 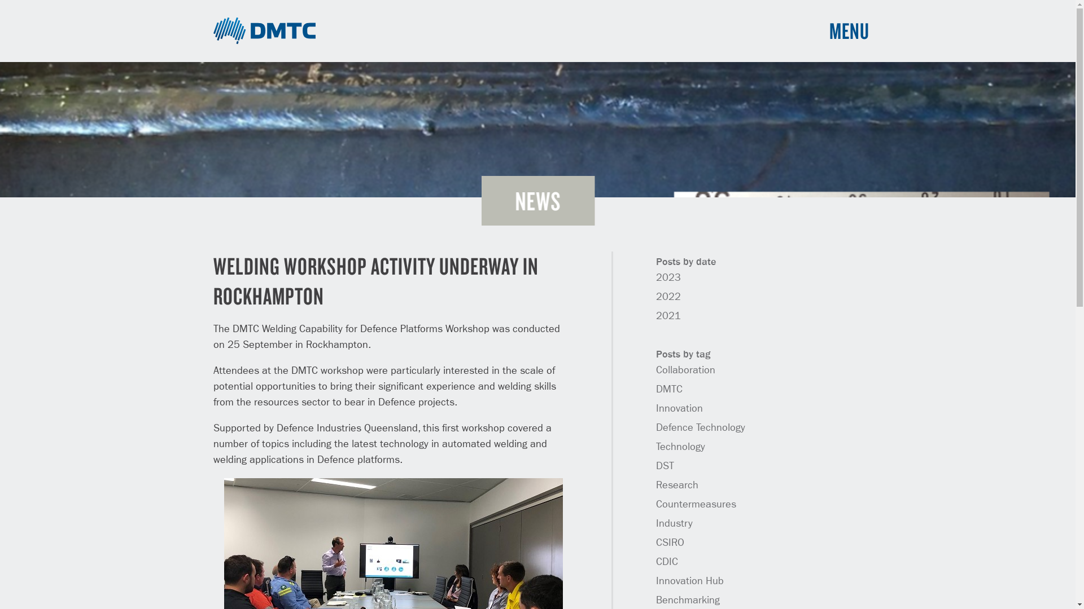 I want to click on 'CDIC', so click(x=667, y=562).